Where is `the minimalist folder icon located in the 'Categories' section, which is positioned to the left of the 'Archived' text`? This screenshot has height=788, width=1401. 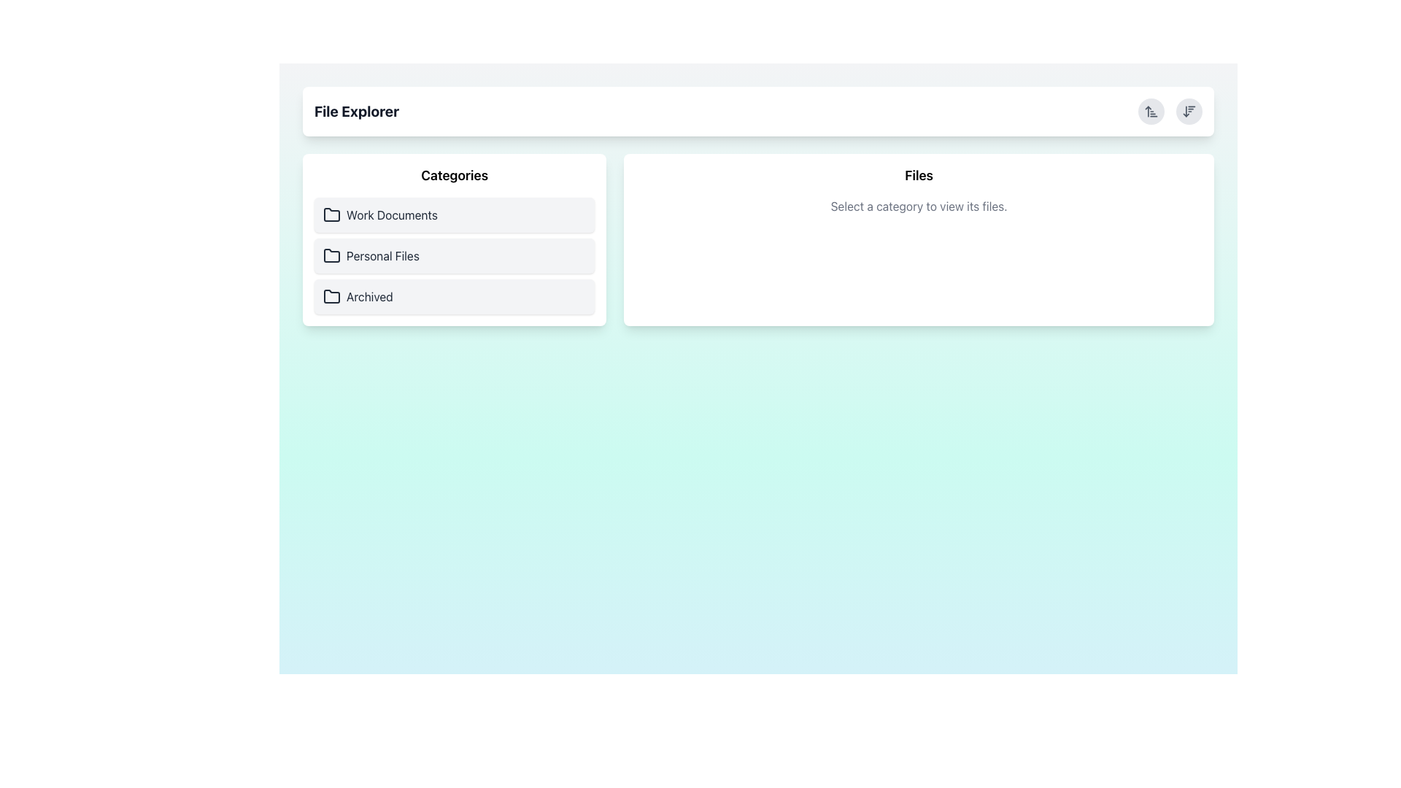
the minimalist folder icon located in the 'Categories' section, which is positioned to the left of the 'Archived' text is located at coordinates (331, 296).